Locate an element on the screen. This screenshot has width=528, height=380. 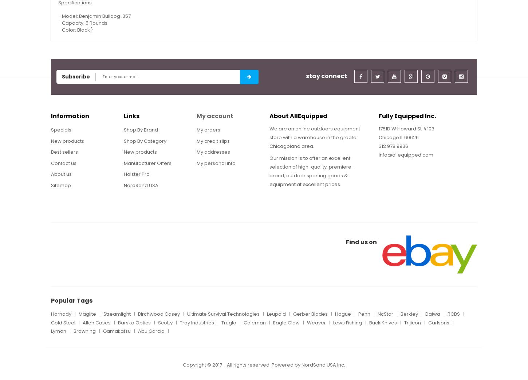
'Cold Steel' is located at coordinates (63, 322).